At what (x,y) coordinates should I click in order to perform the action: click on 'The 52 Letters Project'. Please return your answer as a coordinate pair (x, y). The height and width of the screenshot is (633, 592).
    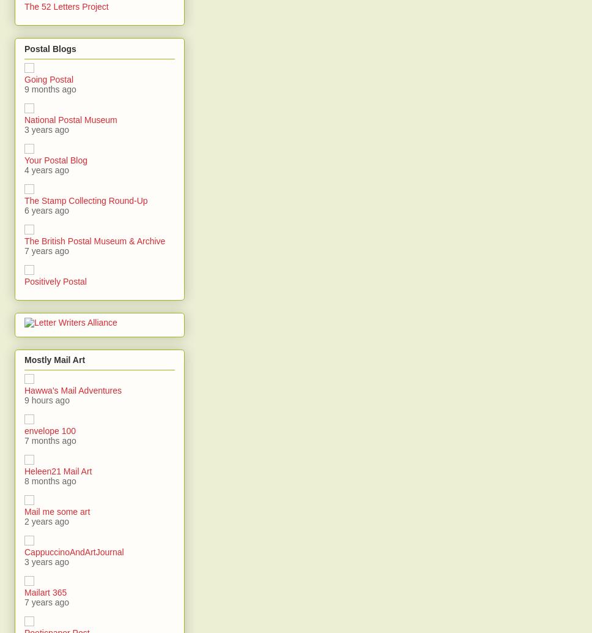
    Looking at the image, I should click on (66, 6).